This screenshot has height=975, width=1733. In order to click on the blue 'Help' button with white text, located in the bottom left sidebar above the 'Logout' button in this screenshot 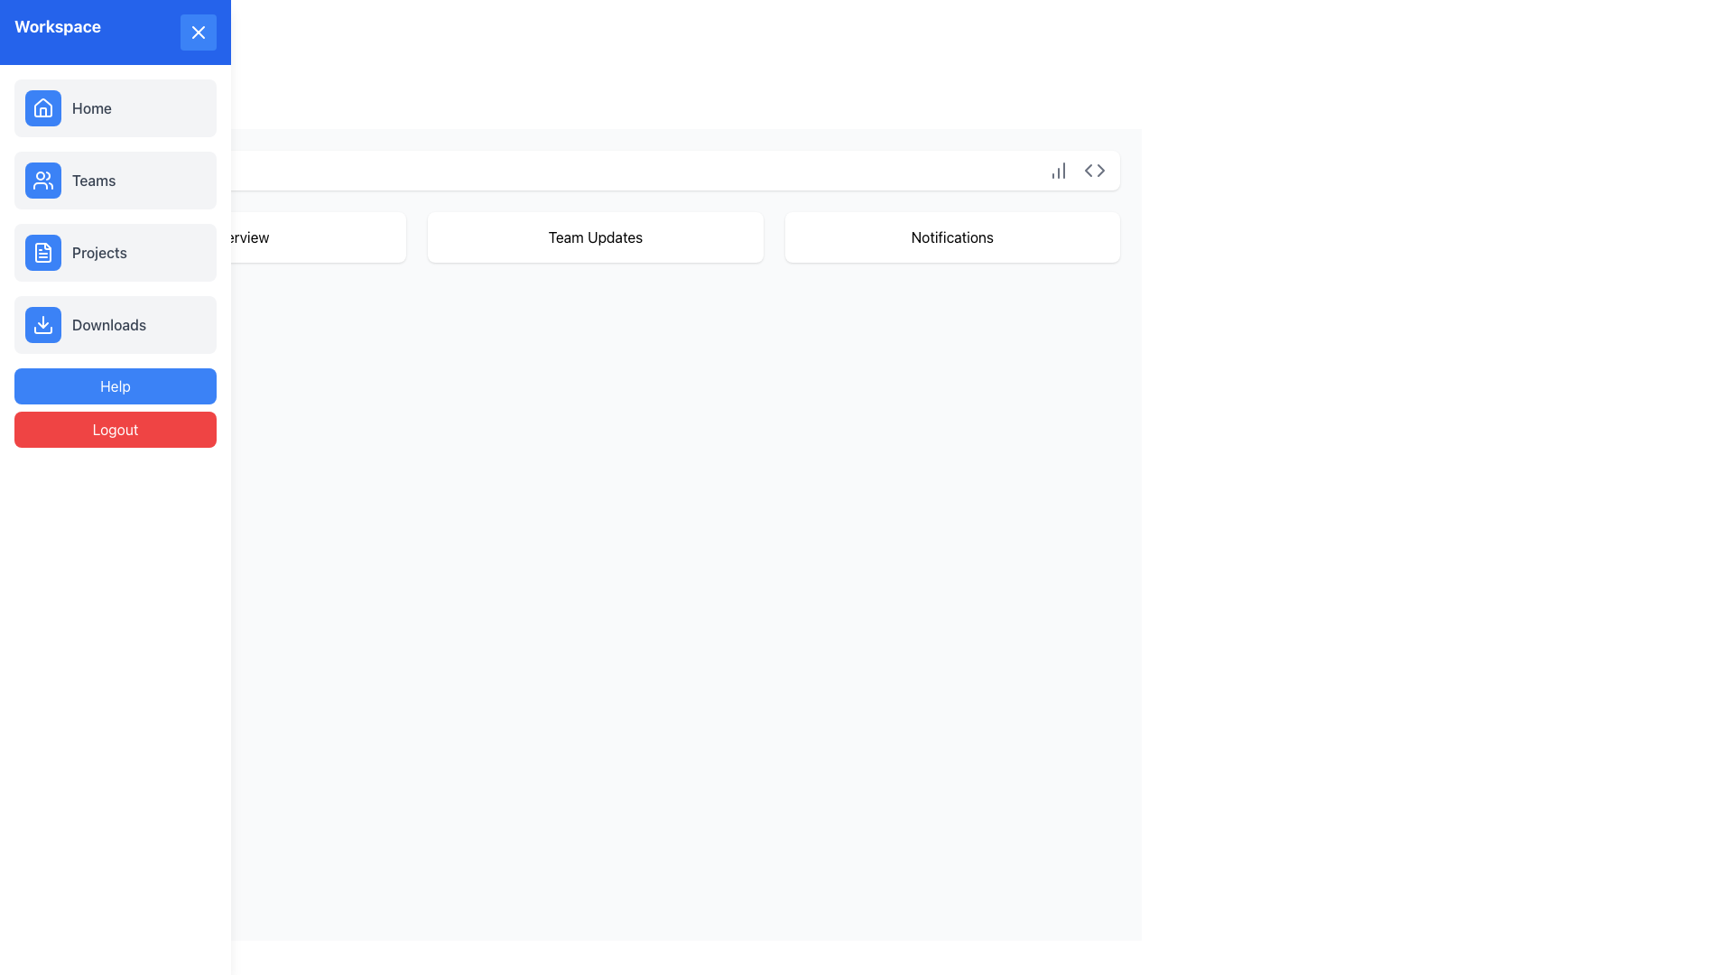, I will do `click(115, 385)`.